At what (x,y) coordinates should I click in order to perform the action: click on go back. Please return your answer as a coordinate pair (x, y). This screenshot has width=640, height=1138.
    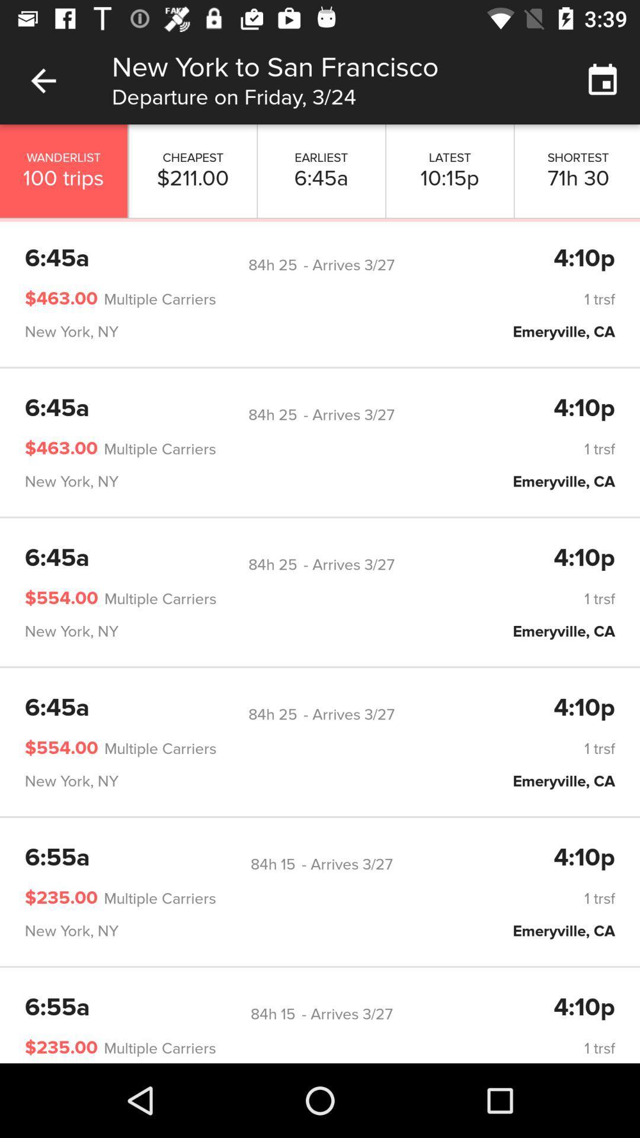
    Looking at the image, I should click on (43, 80).